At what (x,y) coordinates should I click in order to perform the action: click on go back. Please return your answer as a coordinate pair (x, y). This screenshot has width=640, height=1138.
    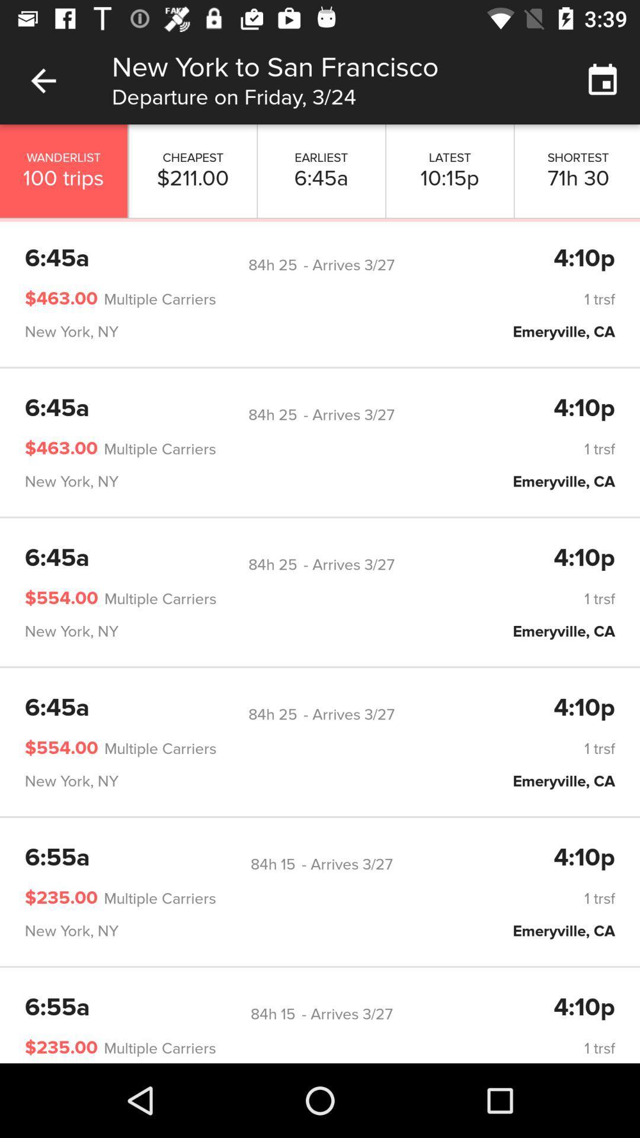
    Looking at the image, I should click on (43, 80).